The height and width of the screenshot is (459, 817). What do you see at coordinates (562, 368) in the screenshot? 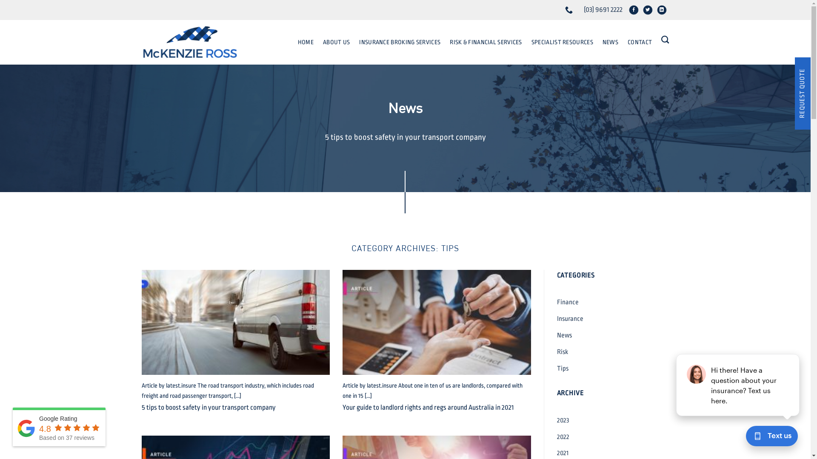
I see `'Tips'` at bounding box center [562, 368].